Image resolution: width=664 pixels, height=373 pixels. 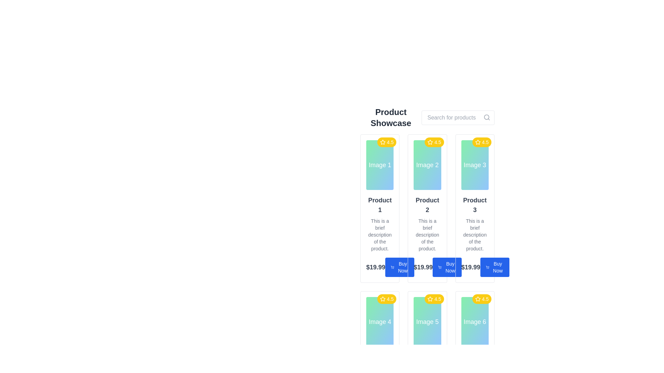 What do you see at coordinates (379, 165) in the screenshot?
I see `the product image placeholder component located at the top of the first card in the grid layout` at bounding box center [379, 165].